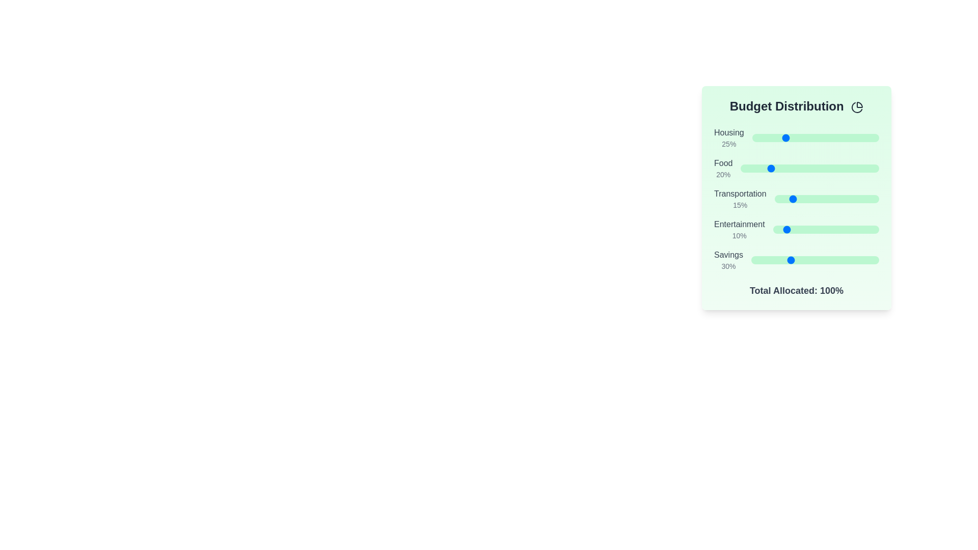  What do you see at coordinates (728, 132) in the screenshot?
I see `the category name Housing to highlight it` at bounding box center [728, 132].